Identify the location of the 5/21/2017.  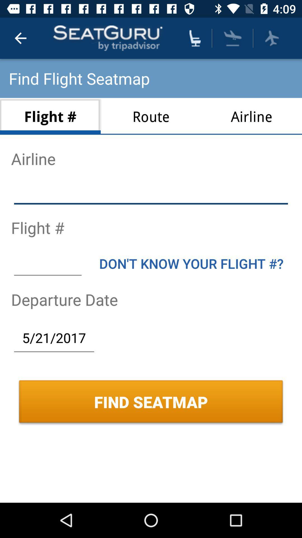
(54, 337).